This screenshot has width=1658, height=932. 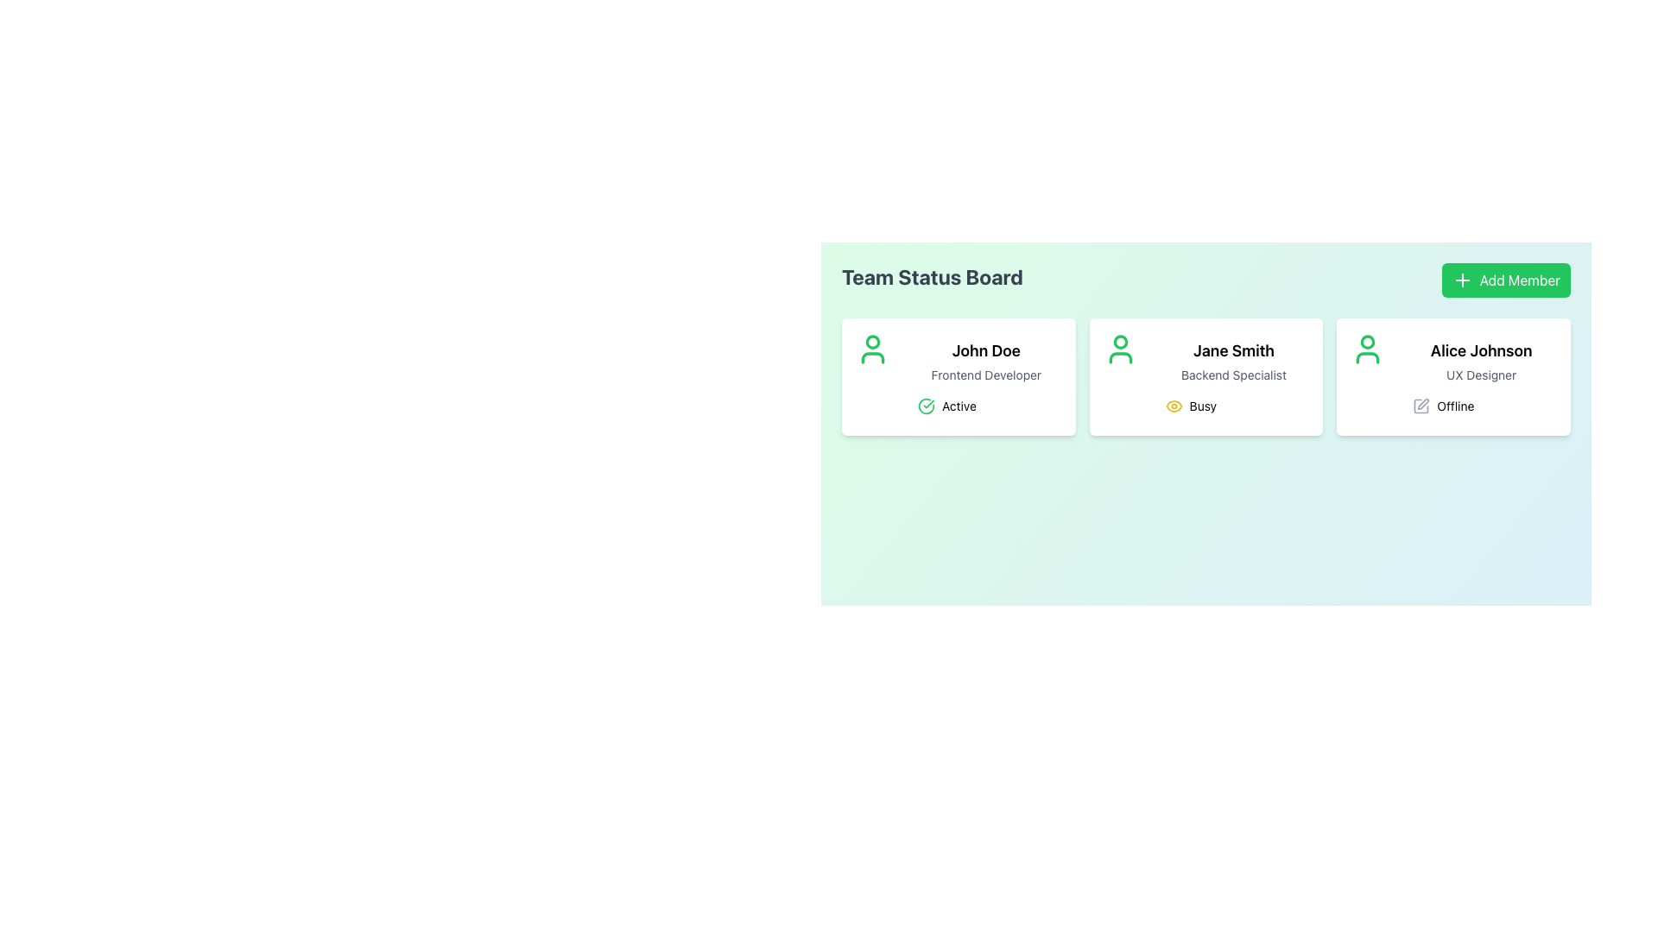 What do you see at coordinates (873, 349) in the screenshot?
I see `the user-shaped icon styled in green located at the top-left corner of the card containing 'John Doe', 'Frontend Developer', and 'Active'` at bounding box center [873, 349].